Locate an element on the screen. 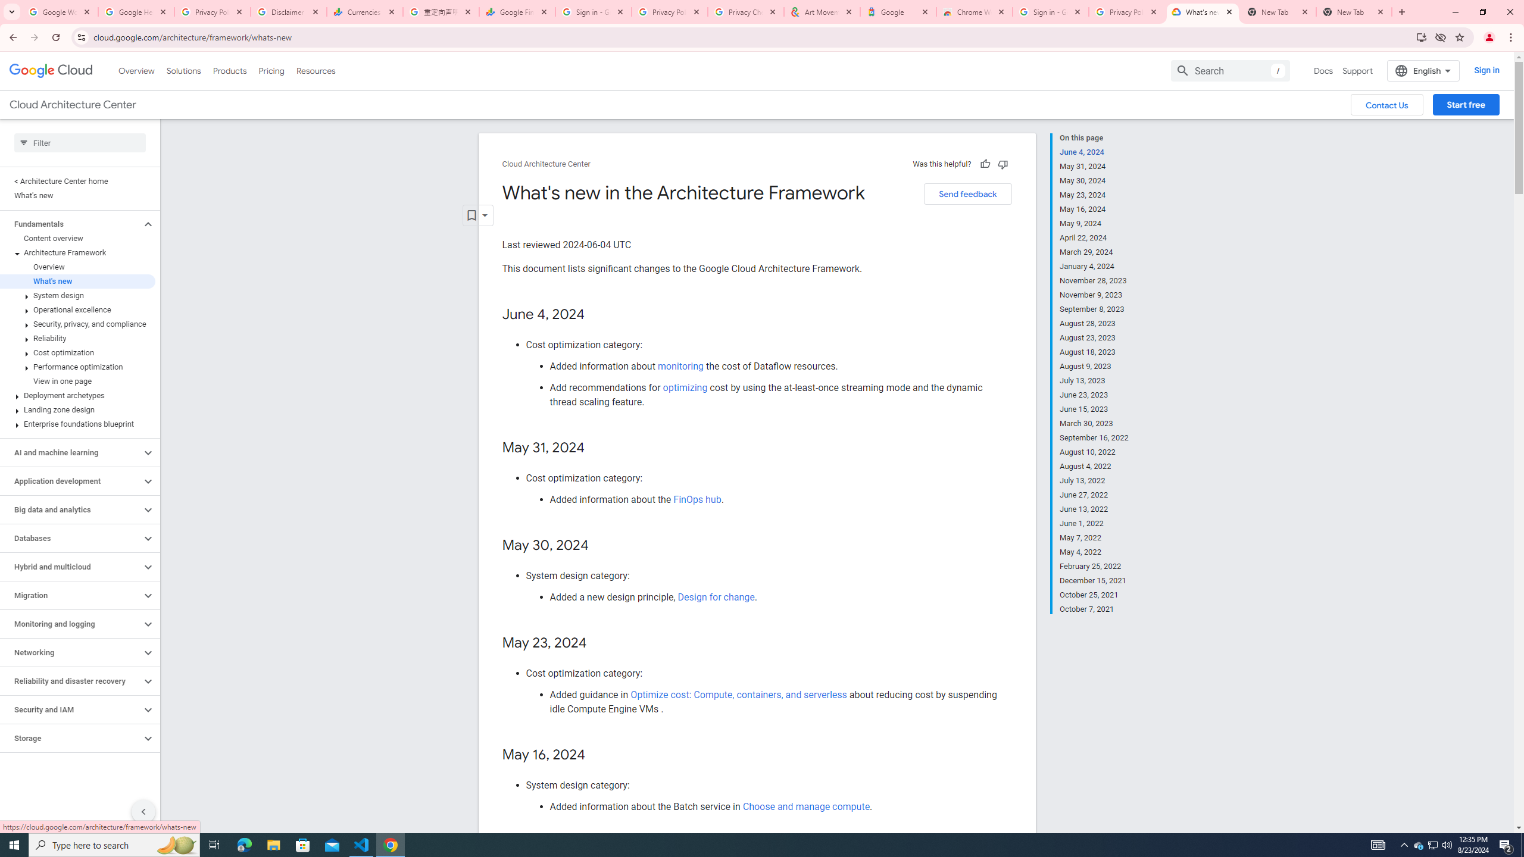  'AI and machine learning' is located at coordinates (70, 453).